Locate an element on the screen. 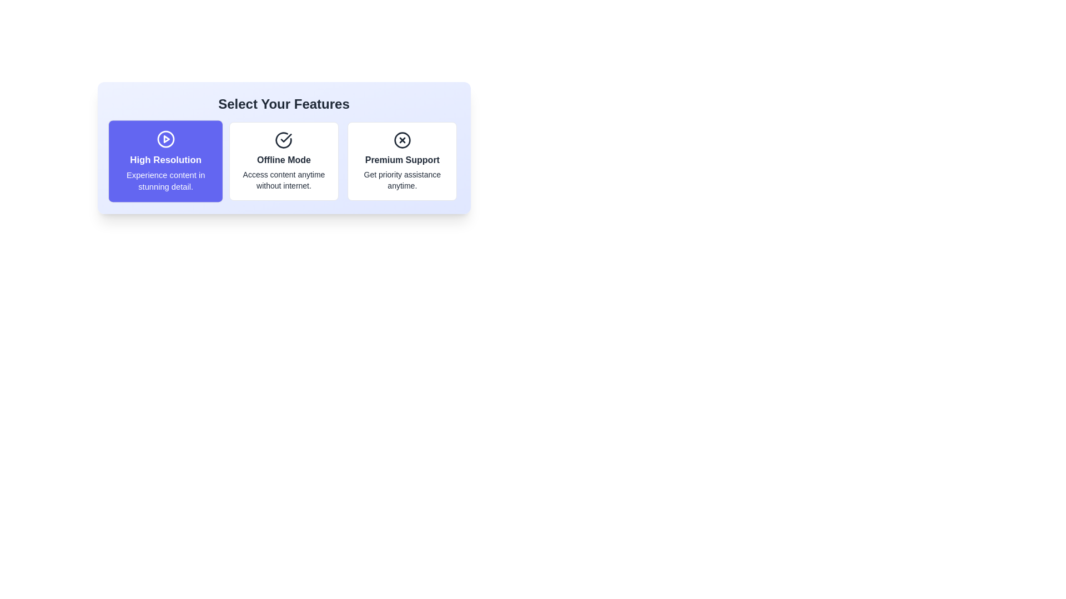 The image size is (1066, 599). the static text caption that describes the functionality of the 'Offline Mode' feature option, located below the 'Offline Mode' text is located at coordinates (284, 179).